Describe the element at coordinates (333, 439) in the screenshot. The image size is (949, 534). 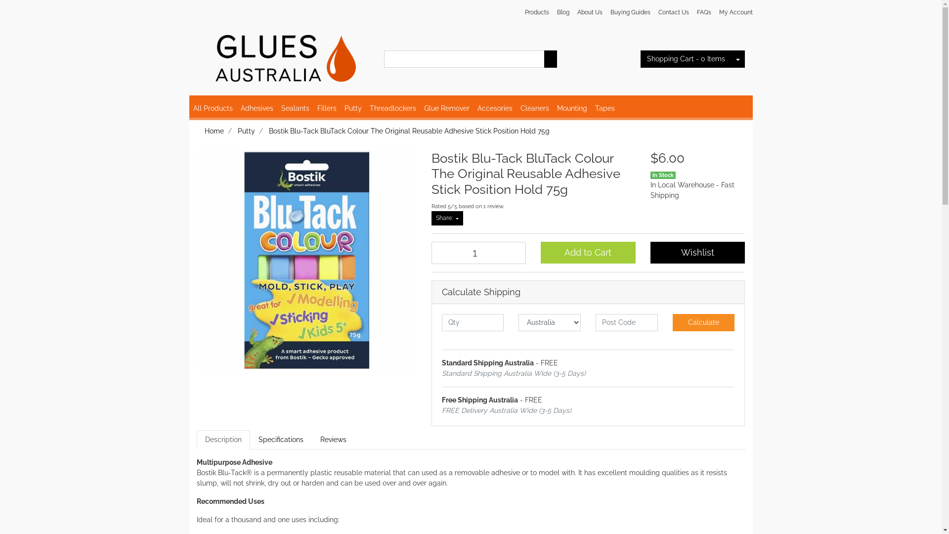
I see `'Reviews'` at that location.